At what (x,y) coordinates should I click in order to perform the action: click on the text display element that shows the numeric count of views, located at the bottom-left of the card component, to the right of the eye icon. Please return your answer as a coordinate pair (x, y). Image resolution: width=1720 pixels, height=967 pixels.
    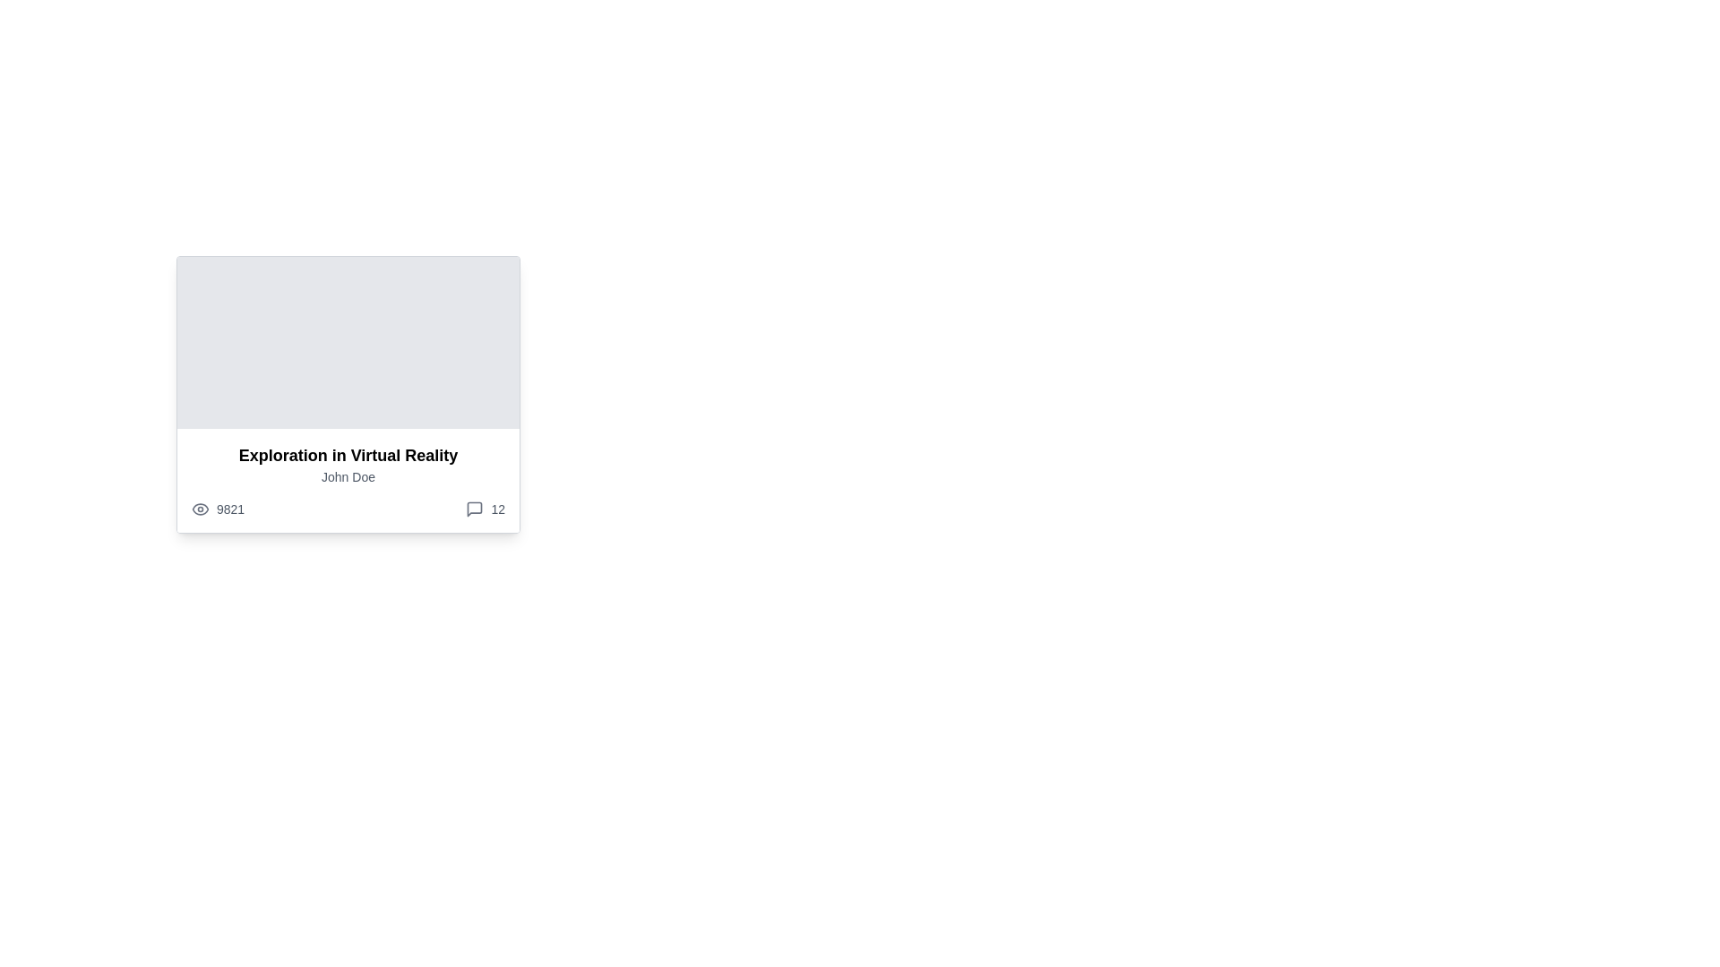
    Looking at the image, I should click on (217, 509).